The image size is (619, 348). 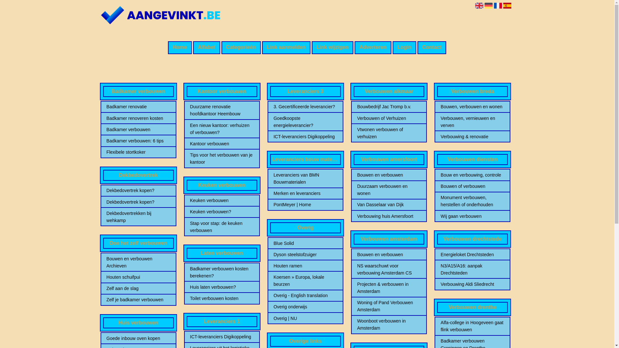 What do you see at coordinates (305, 254) in the screenshot?
I see `'Dyson steelstofzuiger'` at bounding box center [305, 254].